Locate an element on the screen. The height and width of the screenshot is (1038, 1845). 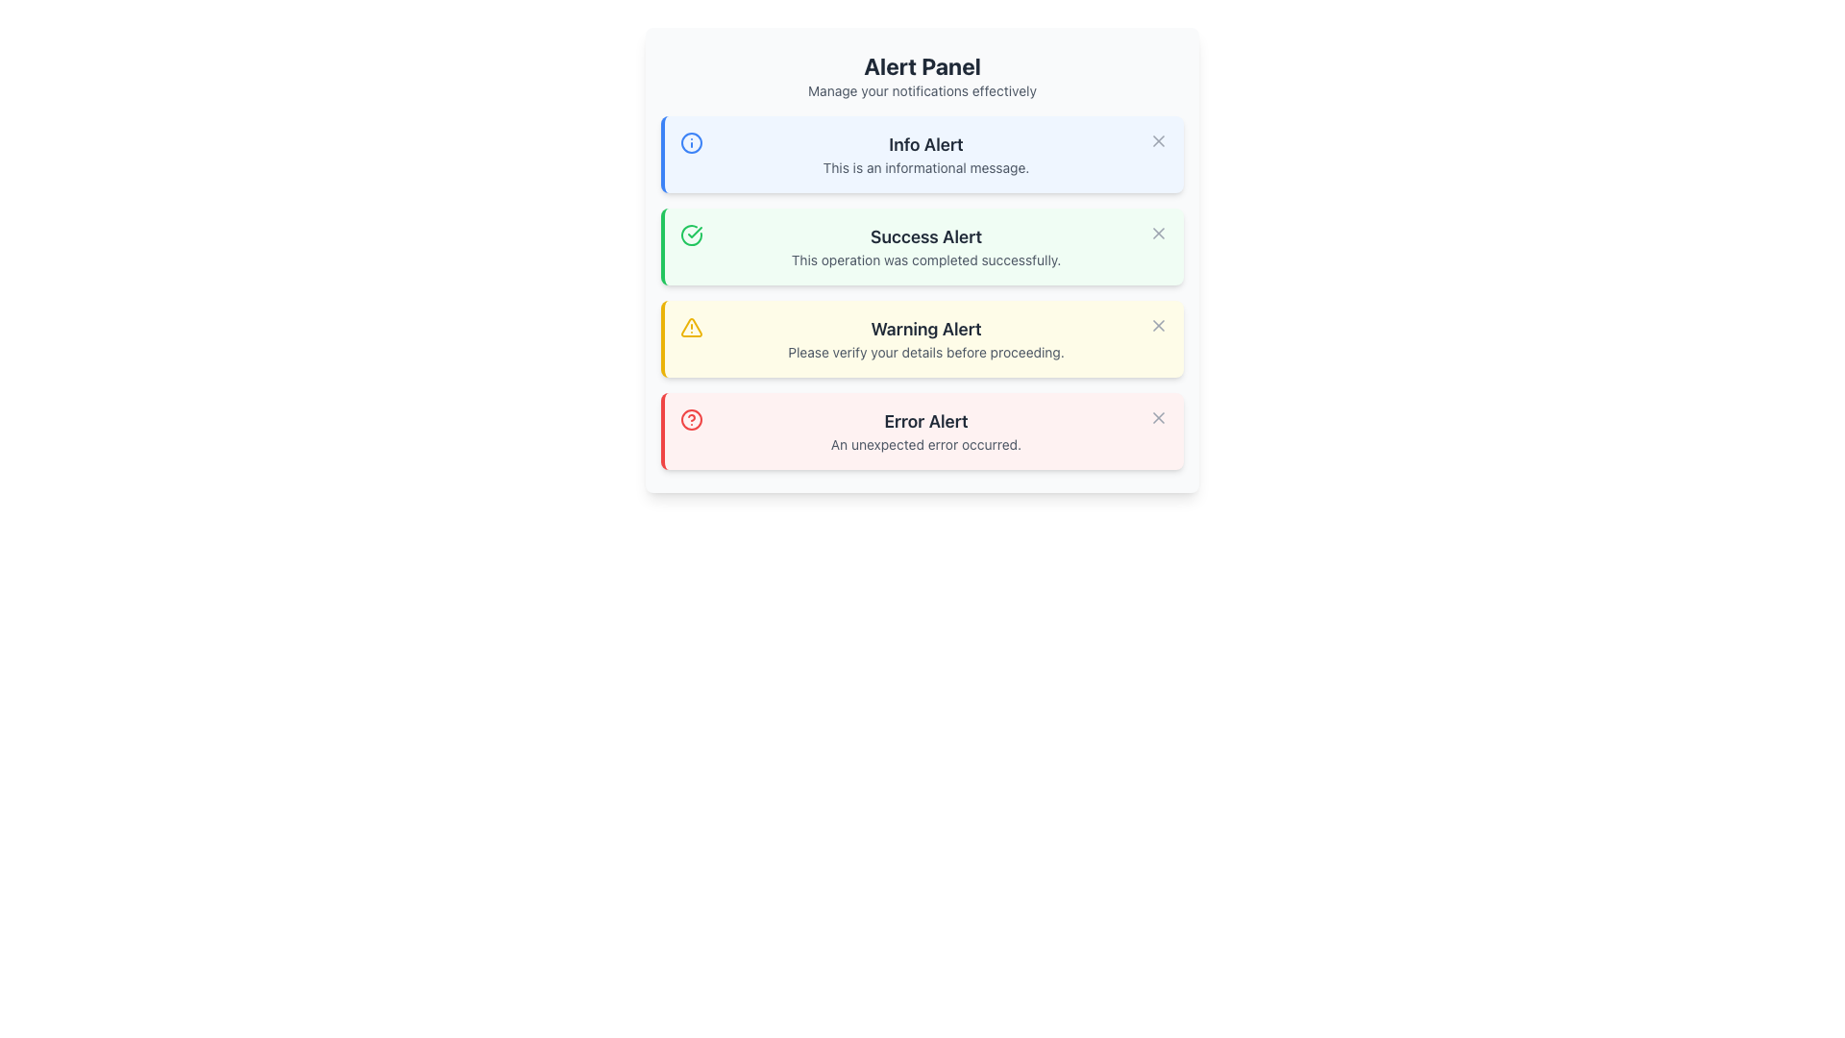
success notification message from the second notification box, which is located below the blue 'Info Alert' is located at coordinates (922, 246).